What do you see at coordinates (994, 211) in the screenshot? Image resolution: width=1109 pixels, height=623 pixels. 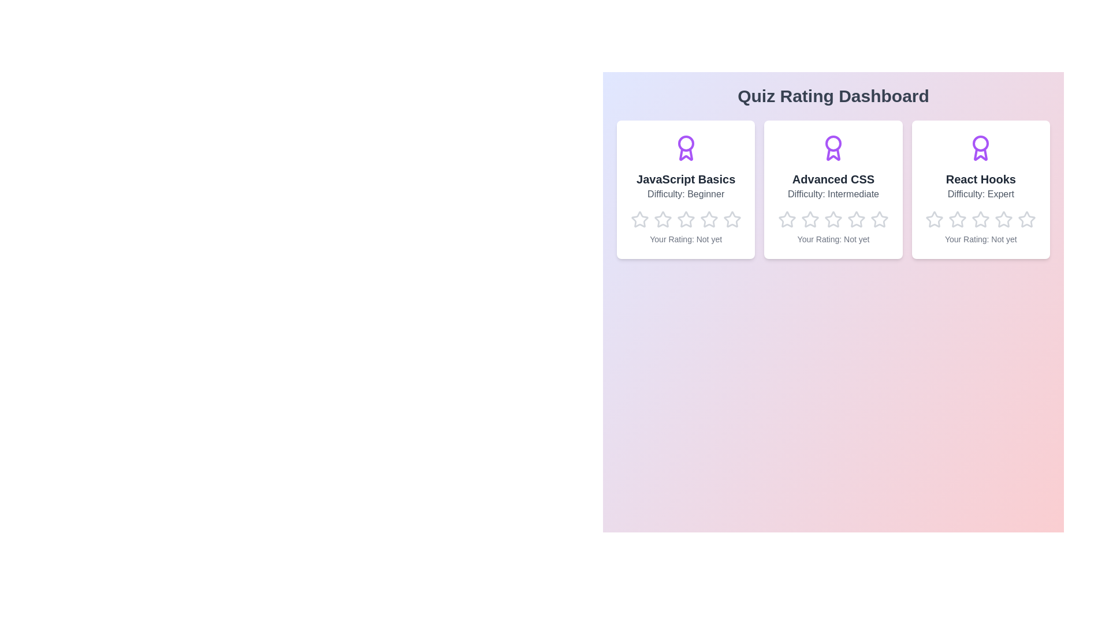 I see `the star corresponding to the rating 4 for the quiz React Hooks` at bounding box center [994, 211].